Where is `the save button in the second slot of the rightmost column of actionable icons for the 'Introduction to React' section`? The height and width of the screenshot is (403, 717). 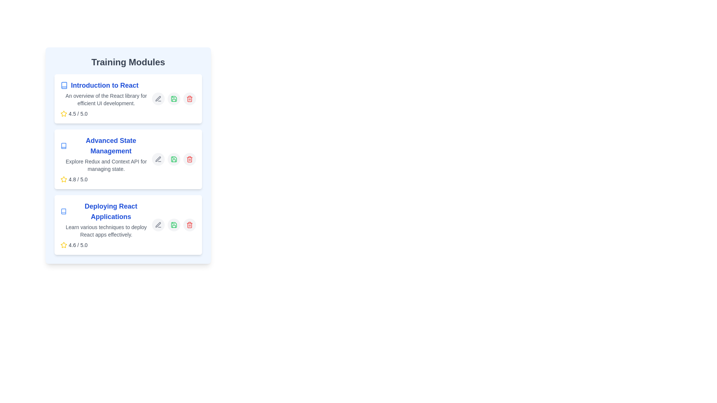 the save button in the second slot of the rightmost column of actionable icons for the 'Introduction to React' section is located at coordinates (173, 99).